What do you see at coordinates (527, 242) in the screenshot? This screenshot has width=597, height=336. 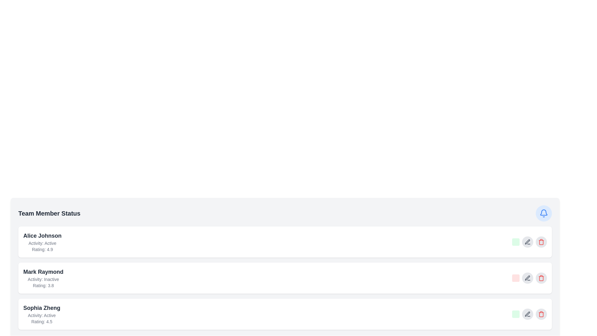 I see `the circular icon button with a gray background and a pen symbol in the center, located in the first row of a list, and positioned between a status indicator and a trash icon, to trigger the hover state` at bounding box center [527, 242].